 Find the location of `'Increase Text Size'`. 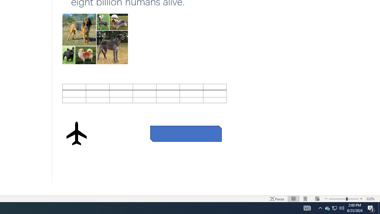

'Increase Text Size' is located at coordinates (361, 199).